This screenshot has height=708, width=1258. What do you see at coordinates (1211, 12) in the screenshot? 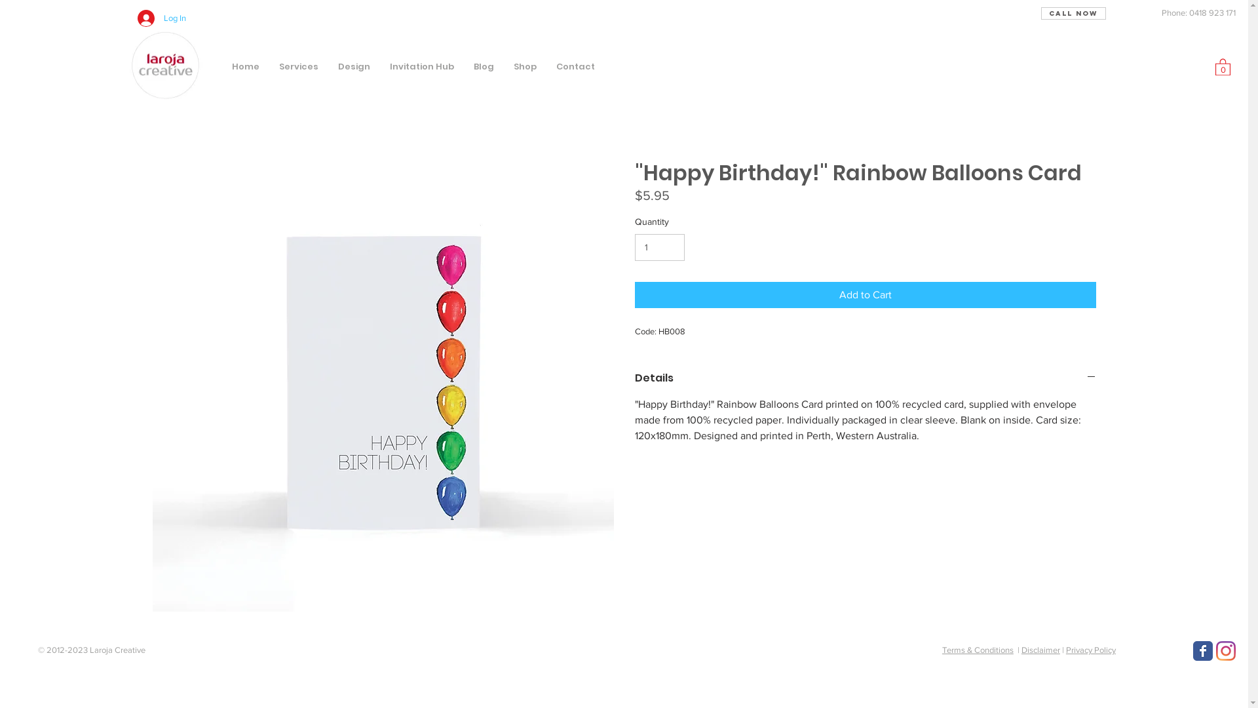
I see `'0418 923 171'` at bounding box center [1211, 12].